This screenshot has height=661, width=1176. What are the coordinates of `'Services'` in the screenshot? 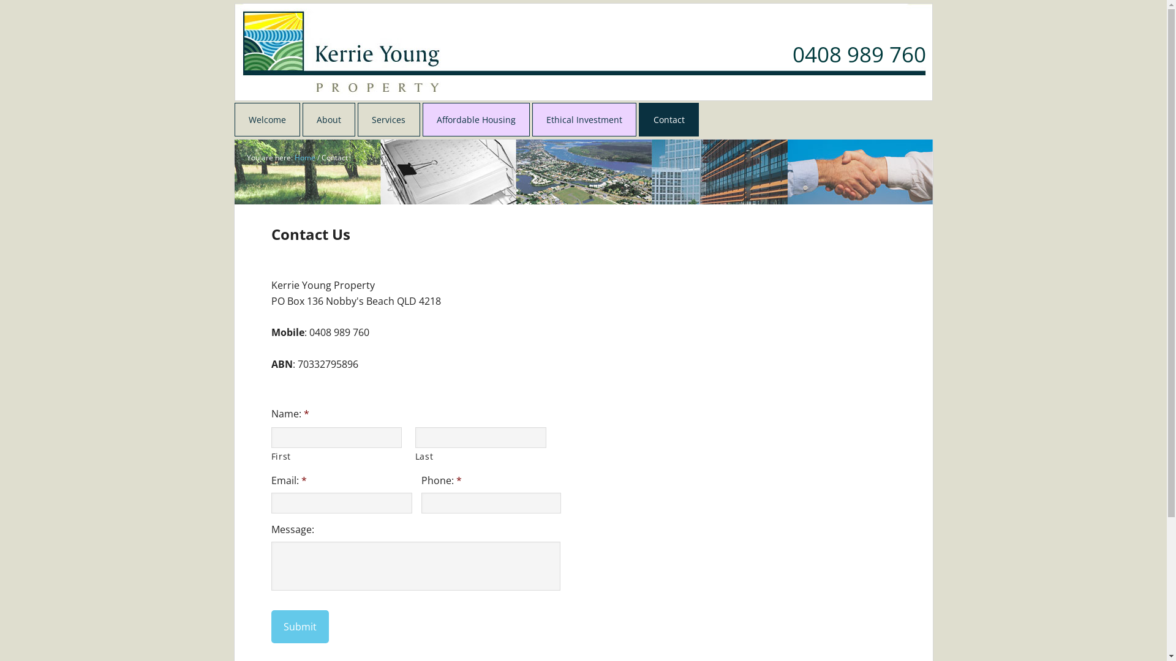 It's located at (388, 119).